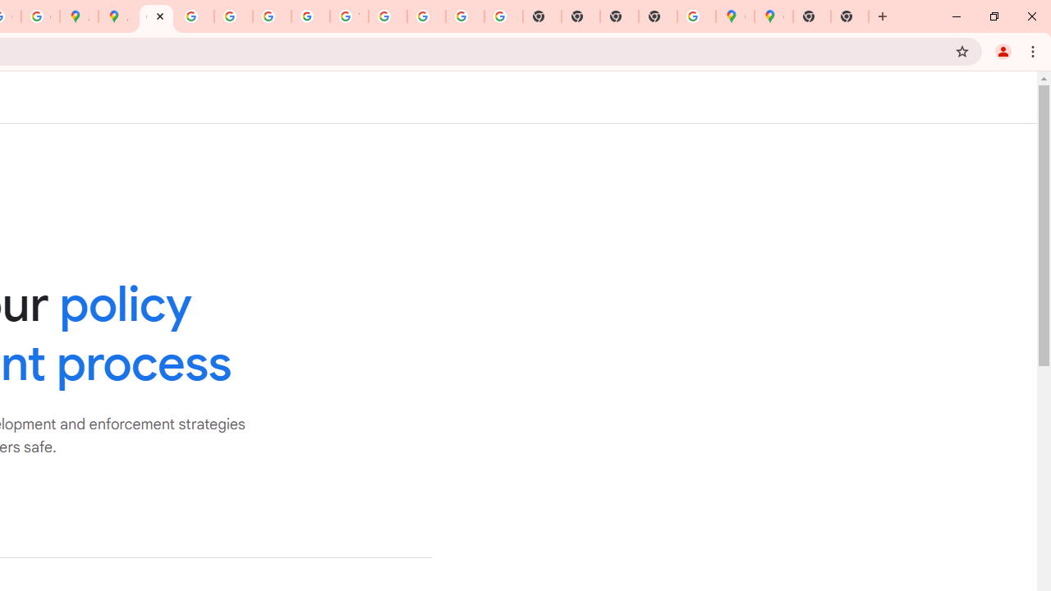 Image resolution: width=1051 pixels, height=591 pixels. Describe the element at coordinates (696, 16) in the screenshot. I see `'Use Google Maps in Space - Google Maps Help'` at that location.